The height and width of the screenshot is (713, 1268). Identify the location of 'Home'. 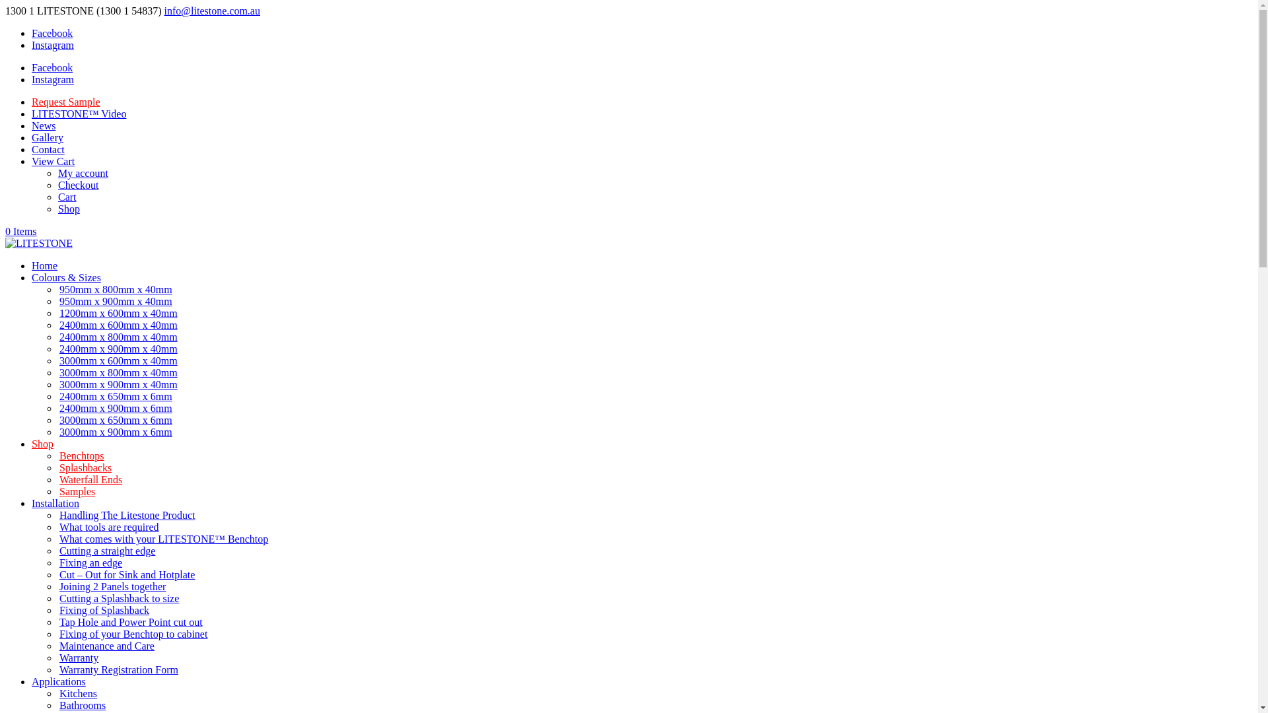
(44, 265).